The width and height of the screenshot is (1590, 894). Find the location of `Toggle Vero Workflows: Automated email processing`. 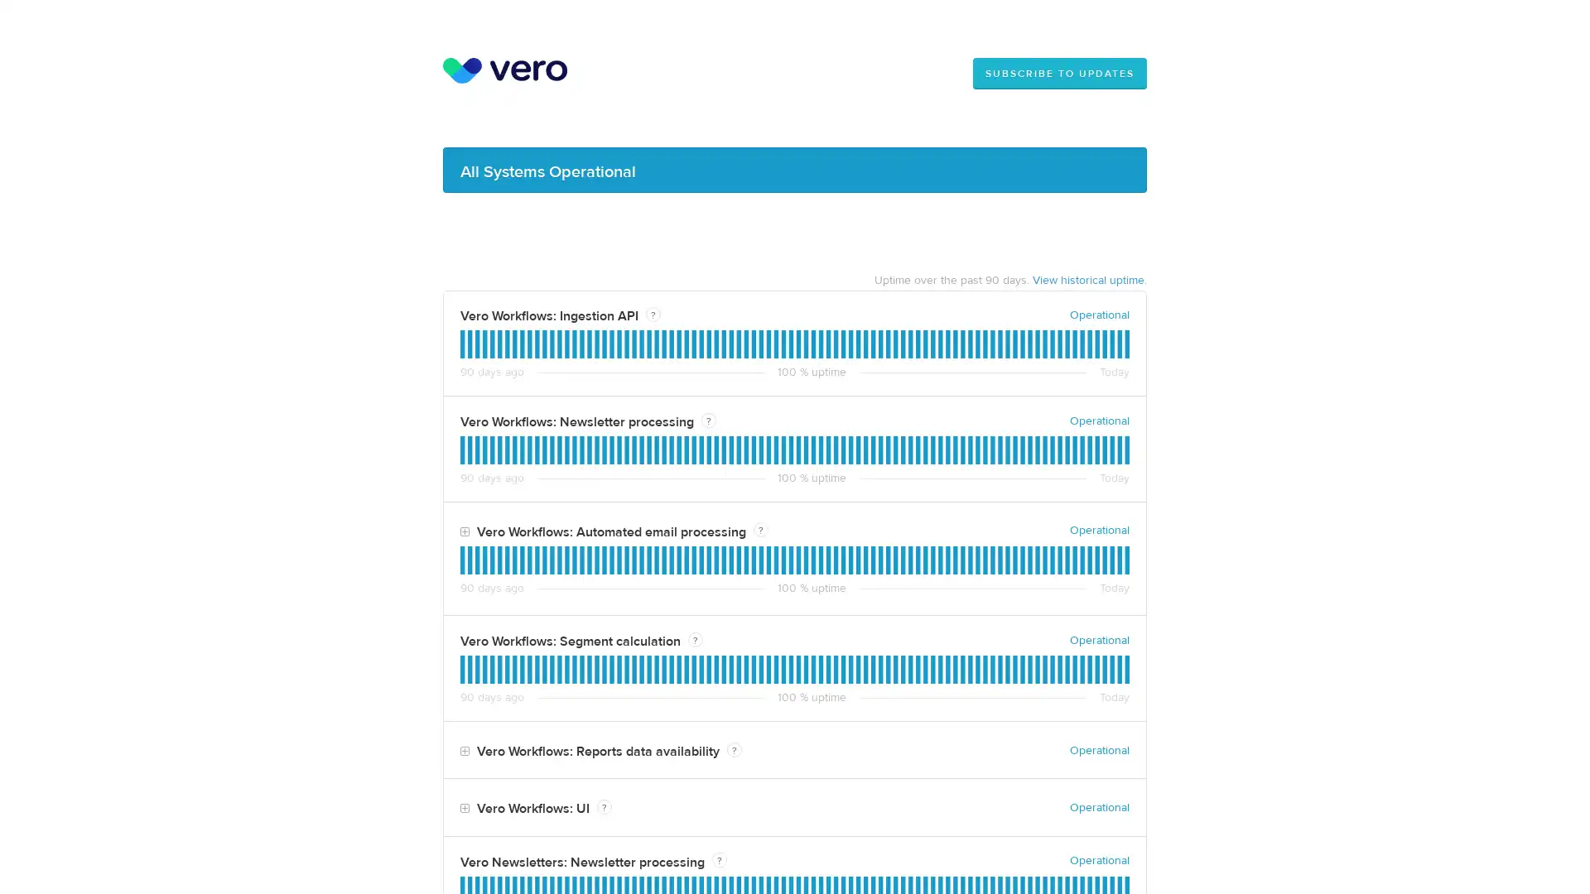

Toggle Vero Workflows: Automated email processing is located at coordinates (464, 531).